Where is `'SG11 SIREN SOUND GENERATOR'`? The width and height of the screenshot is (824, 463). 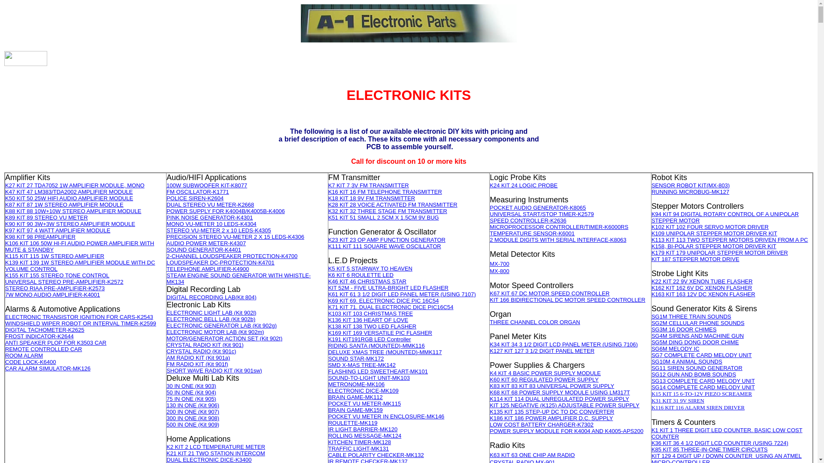 'SG11 SIREN SOUND GENERATOR' is located at coordinates (697, 367).